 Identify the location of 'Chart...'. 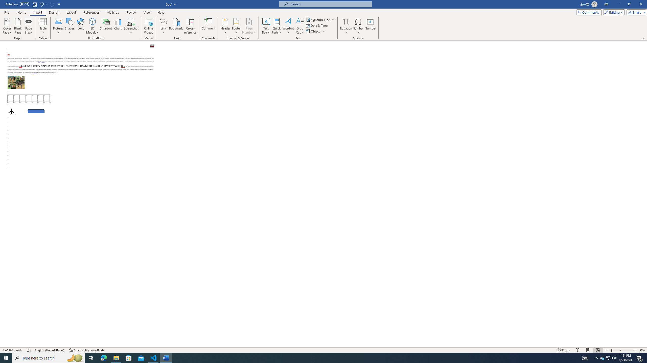
(118, 26).